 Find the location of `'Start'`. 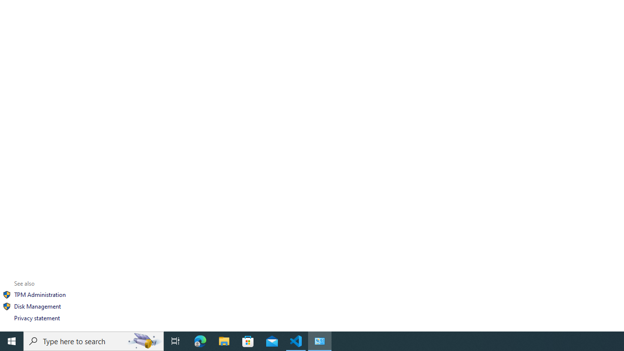

'Start' is located at coordinates (12, 340).